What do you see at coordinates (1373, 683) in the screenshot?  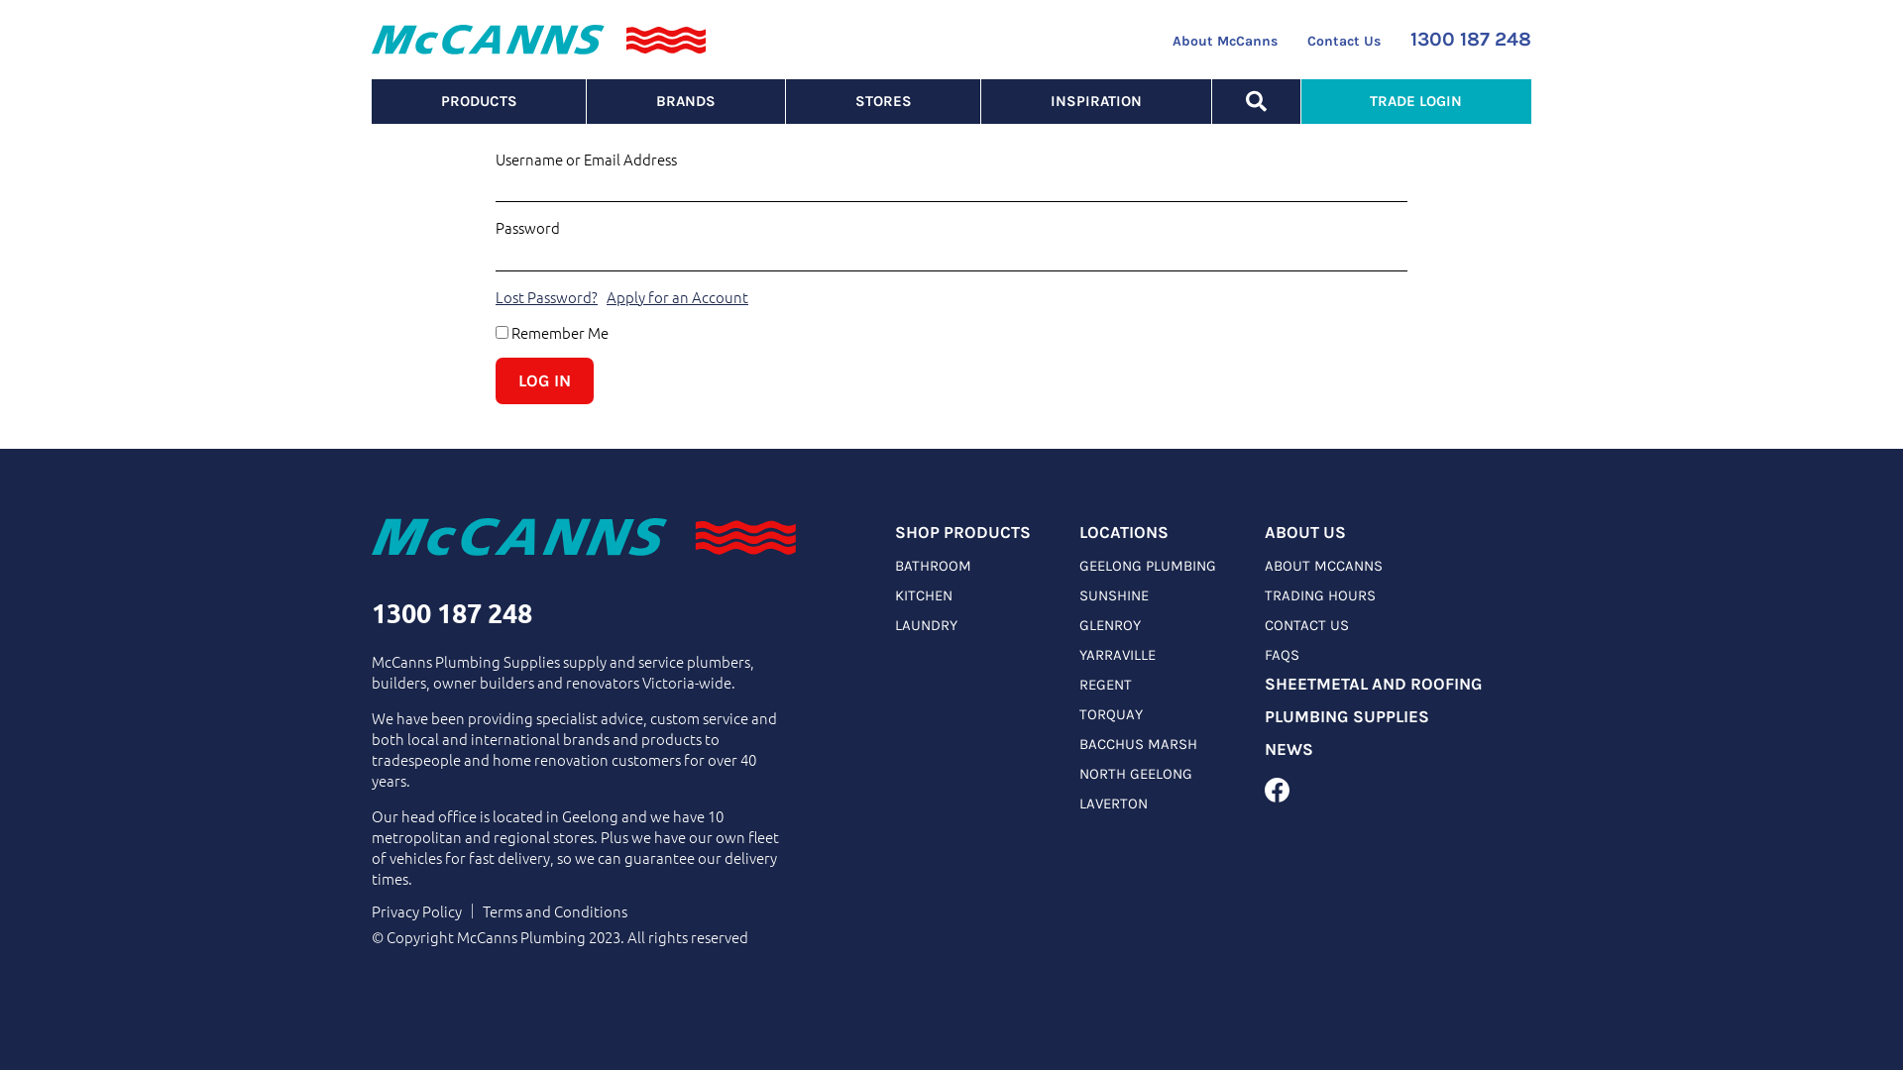 I see `'SHEETMETAL AND ROOFING'` at bounding box center [1373, 683].